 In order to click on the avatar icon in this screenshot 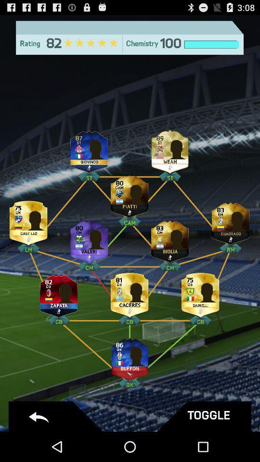, I will do `click(230, 236)`.